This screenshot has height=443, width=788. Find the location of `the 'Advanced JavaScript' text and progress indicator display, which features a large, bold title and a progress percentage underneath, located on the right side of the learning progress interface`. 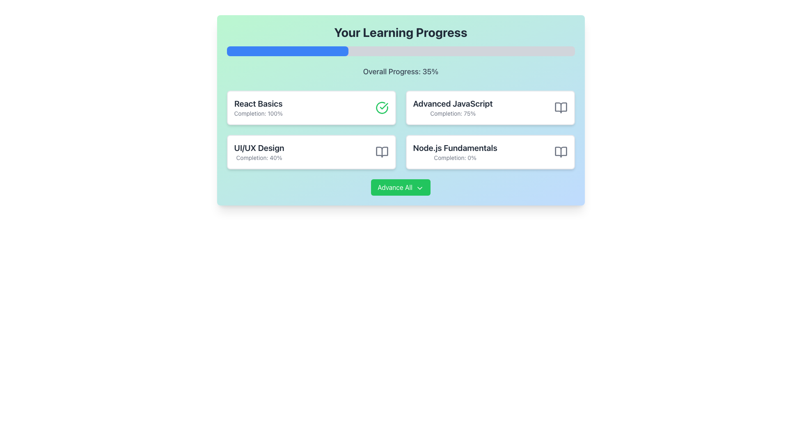

the 'Advanced JavaScript' text and progress indicator display, which features a large, bold title and a progress percentage underneath, located on the right side of the learning progress interface is located at coordinates (452, 107).